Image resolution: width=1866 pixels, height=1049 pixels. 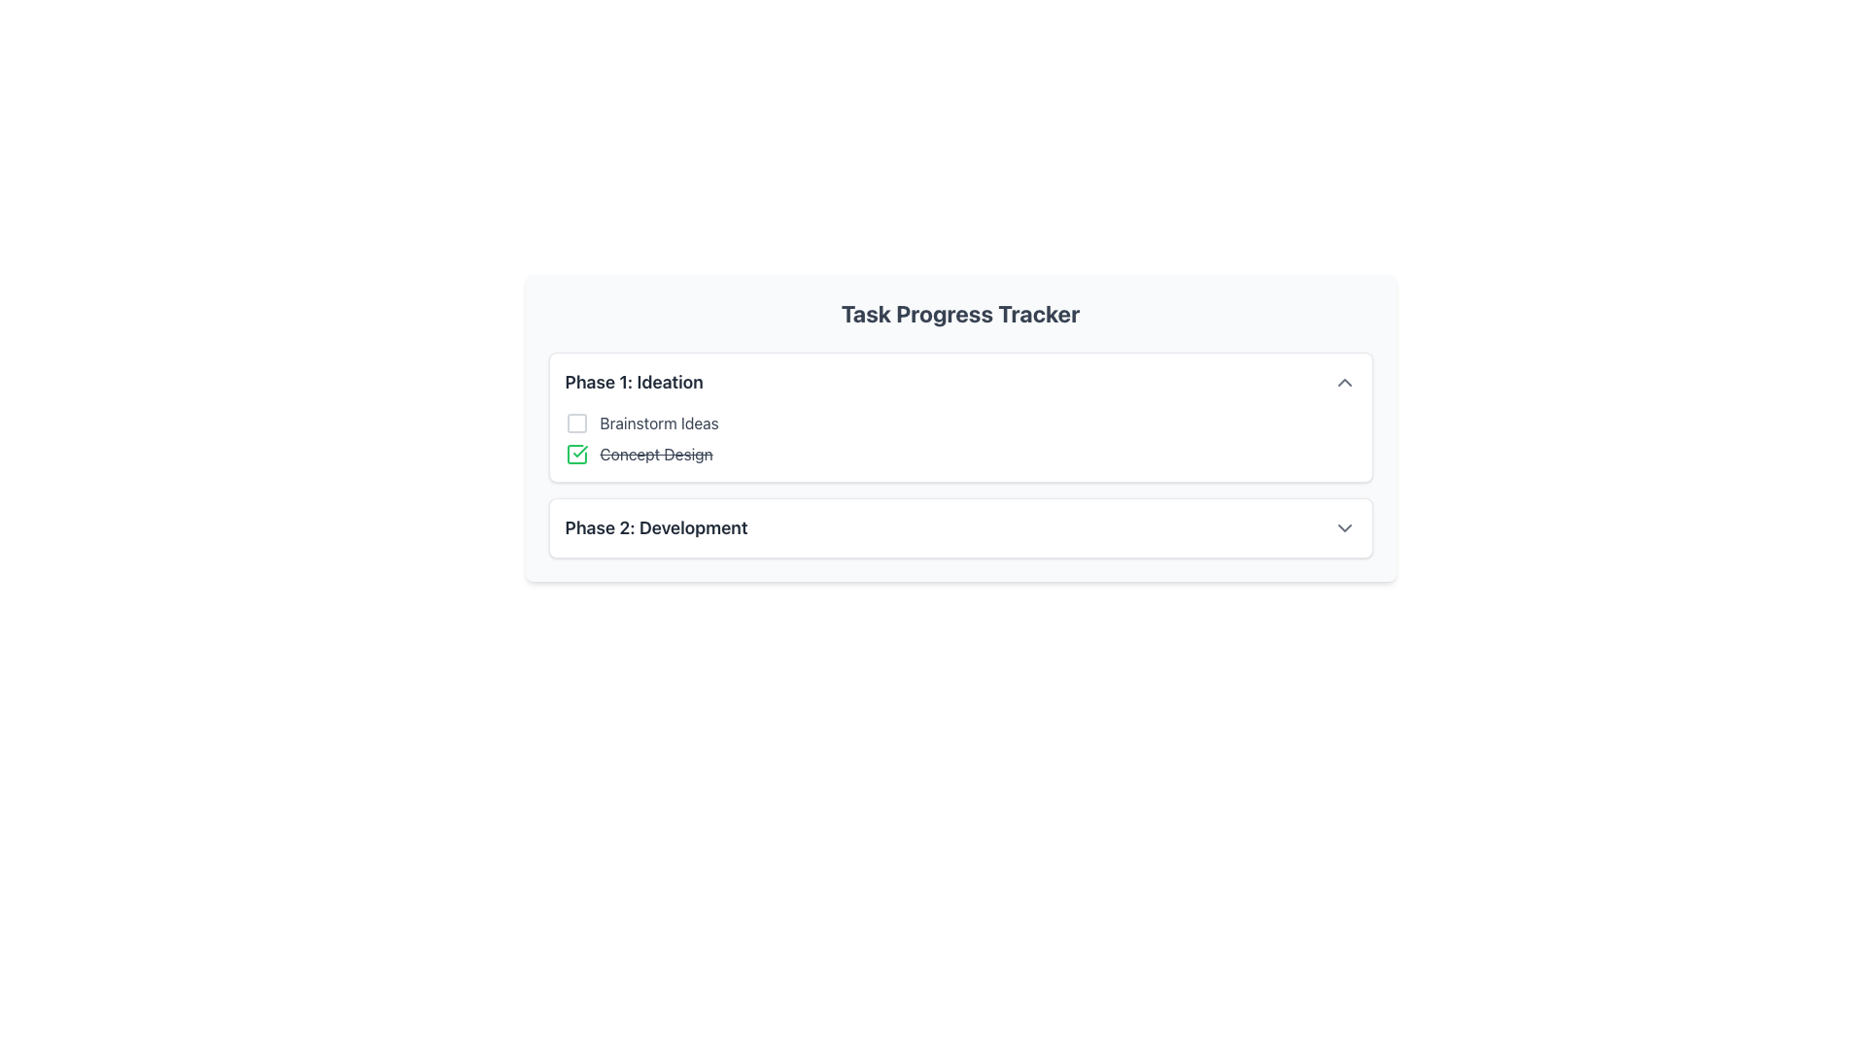 What do you see at coordinates (659, 422) in the screenshot?
I see `the text label that serves as the title for a task item within the 'Phase 1: Ideation' section of the task progress tracker for interaction` at bounding box center [659, 422].